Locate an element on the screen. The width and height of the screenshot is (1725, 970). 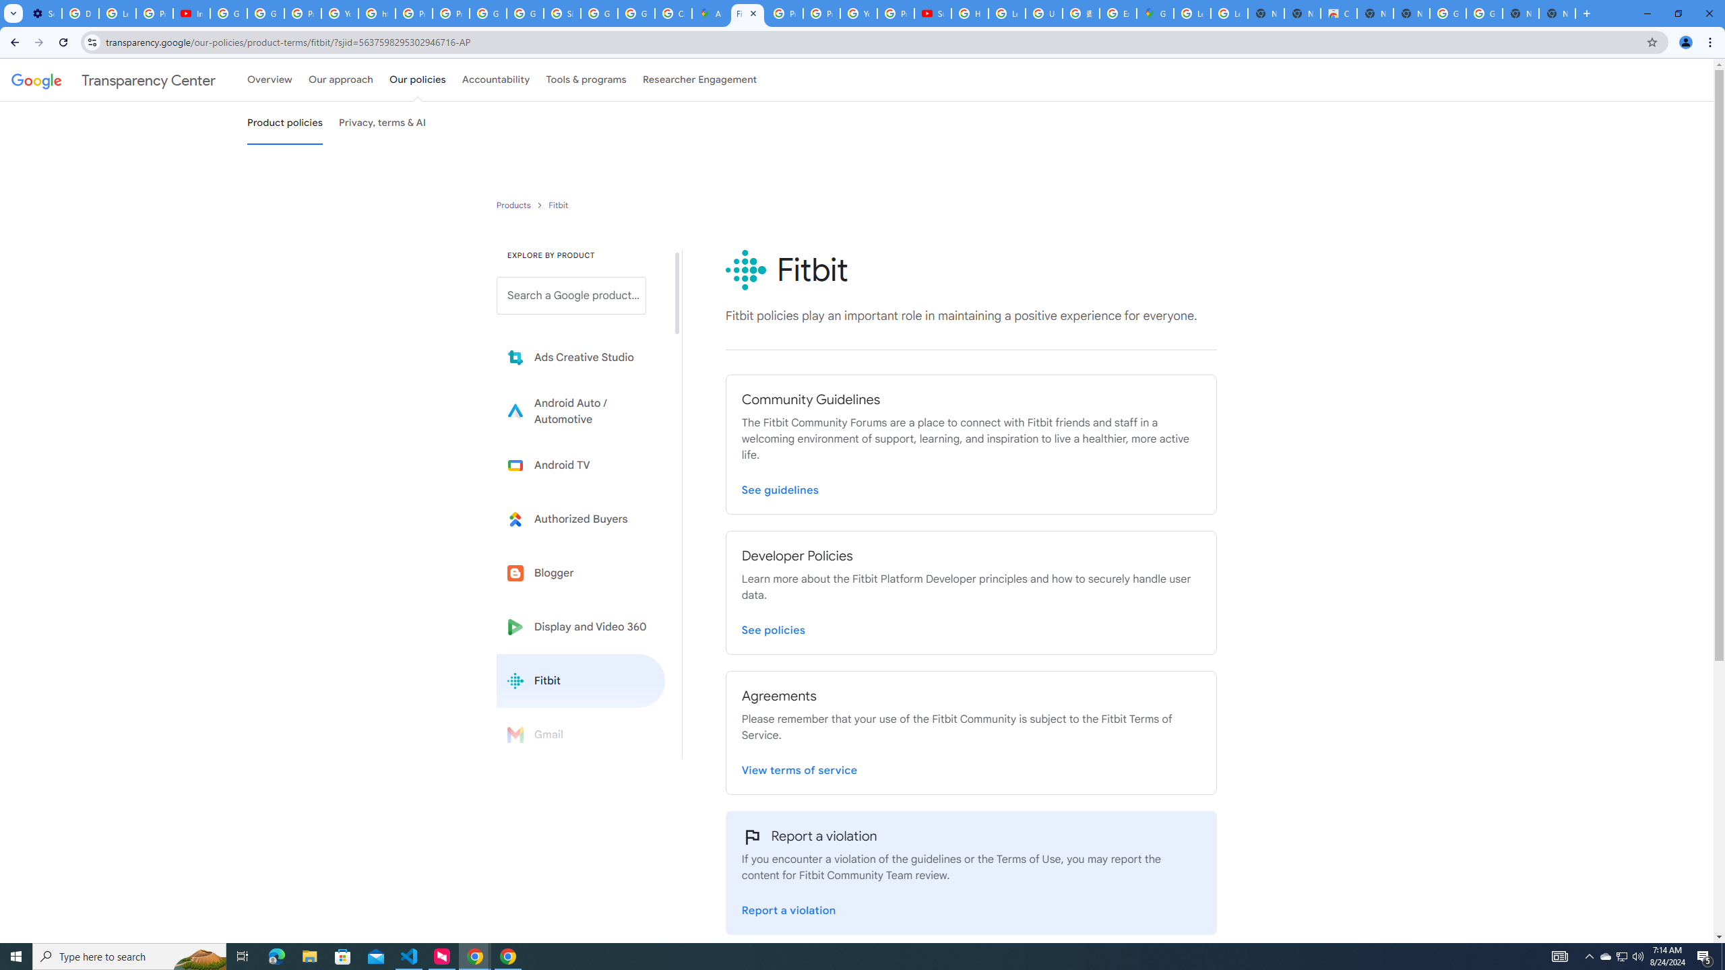
'Privacy Help Center - Policies Help' is located at coordinates (413, 13).